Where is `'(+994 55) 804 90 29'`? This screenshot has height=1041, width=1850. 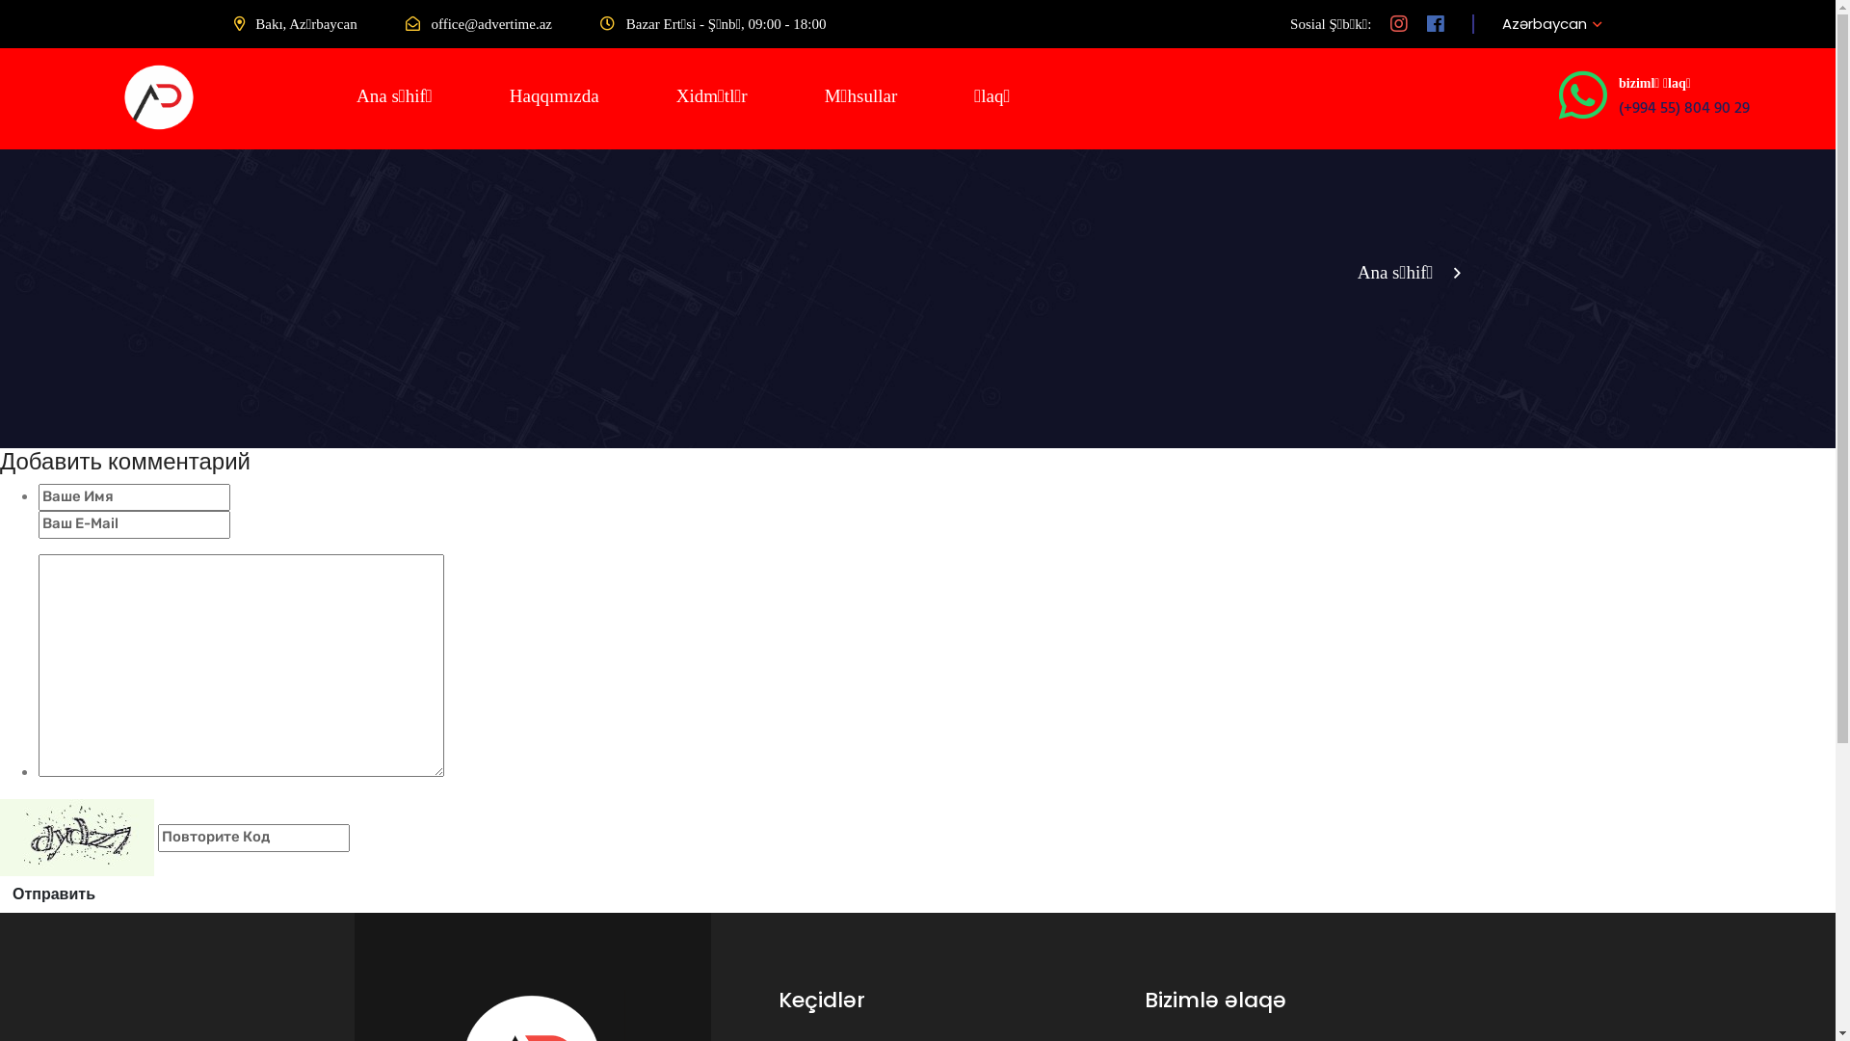 '(+994 55) 804 90 29' is located at coordinates (1682, 108).